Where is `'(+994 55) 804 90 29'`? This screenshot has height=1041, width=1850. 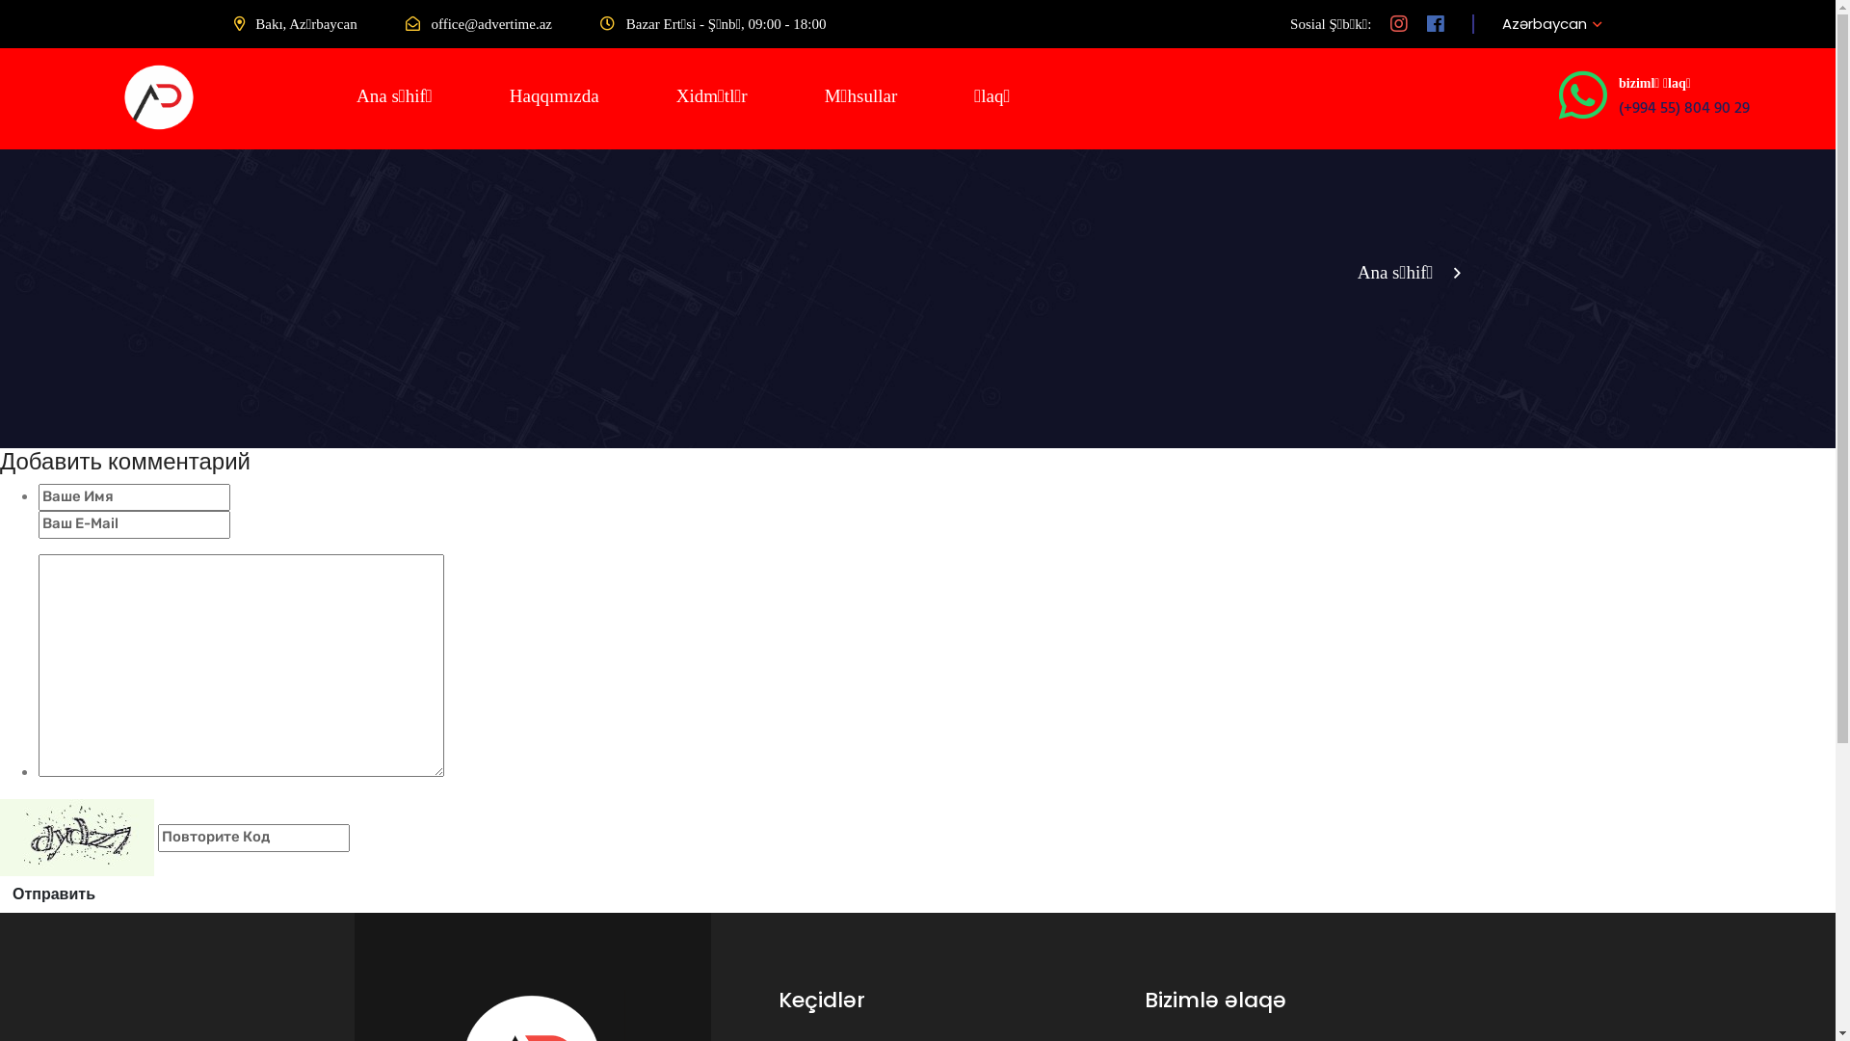 '(+994 55) 804 90 29' is located at coordinates (1682, 108).